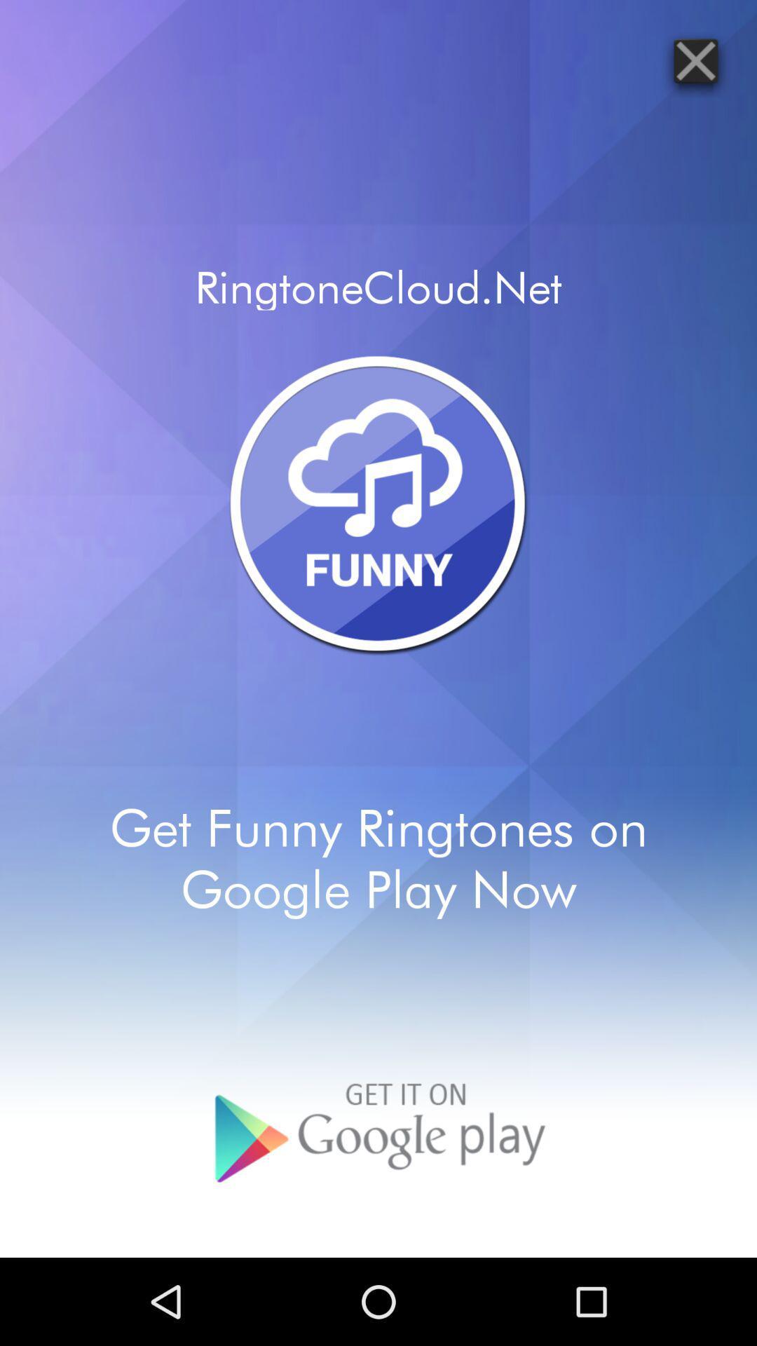 The image size is (757, 1346). Describe the element at coordinates (695, 60) in the screenshot. I see `item above the ringtonecloud.net item` at that location.